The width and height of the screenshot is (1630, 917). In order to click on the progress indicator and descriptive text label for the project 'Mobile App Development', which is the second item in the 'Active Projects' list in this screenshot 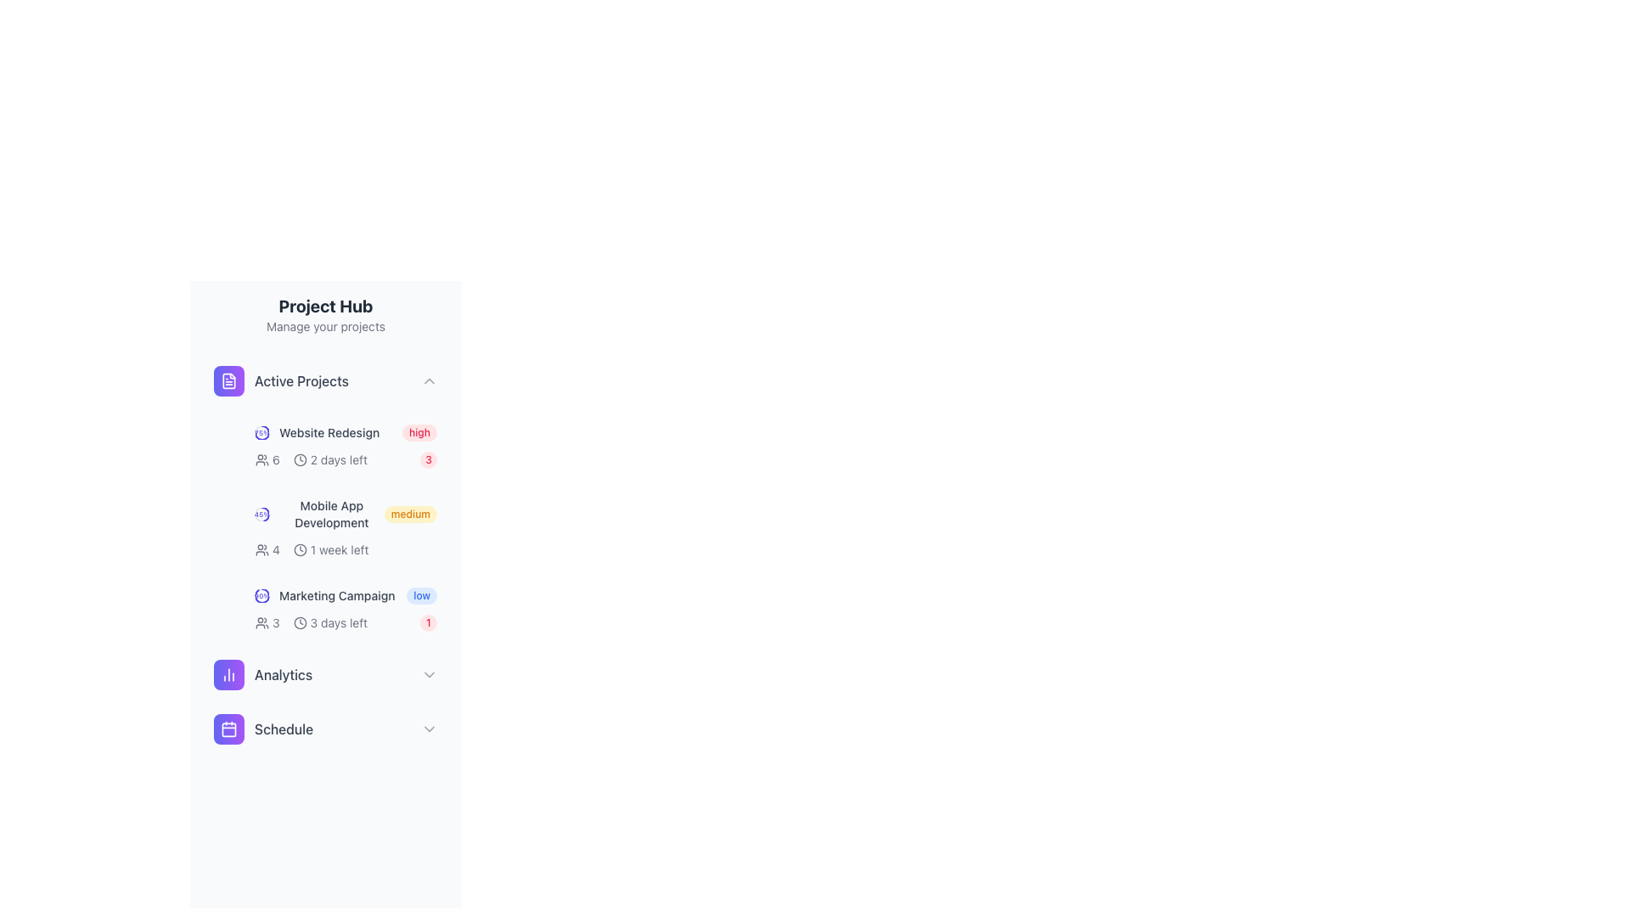, I will do `click(319, 513)`.